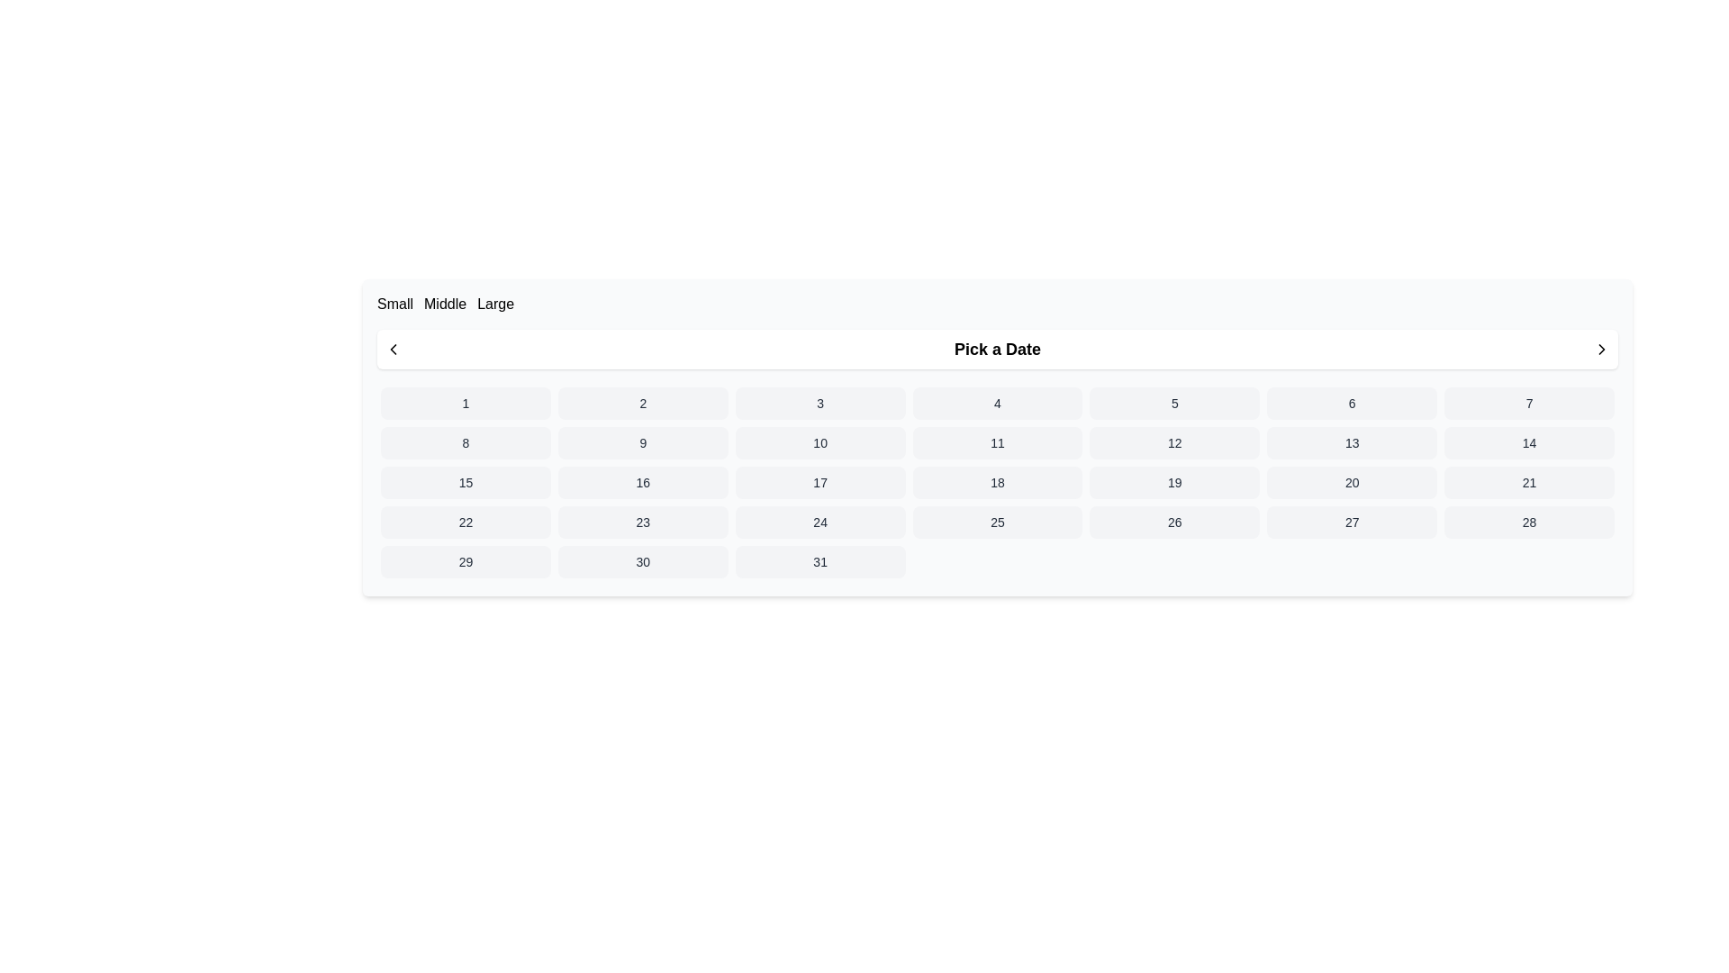  What do you see at coordinates (819, 443) in the screenshot?
I see `the day selection button for the 10th of the month` at bounding box center [819, 443].